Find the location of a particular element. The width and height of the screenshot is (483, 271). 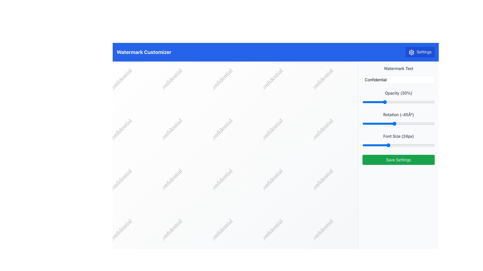

the font size is located at coordinates (427, 145).